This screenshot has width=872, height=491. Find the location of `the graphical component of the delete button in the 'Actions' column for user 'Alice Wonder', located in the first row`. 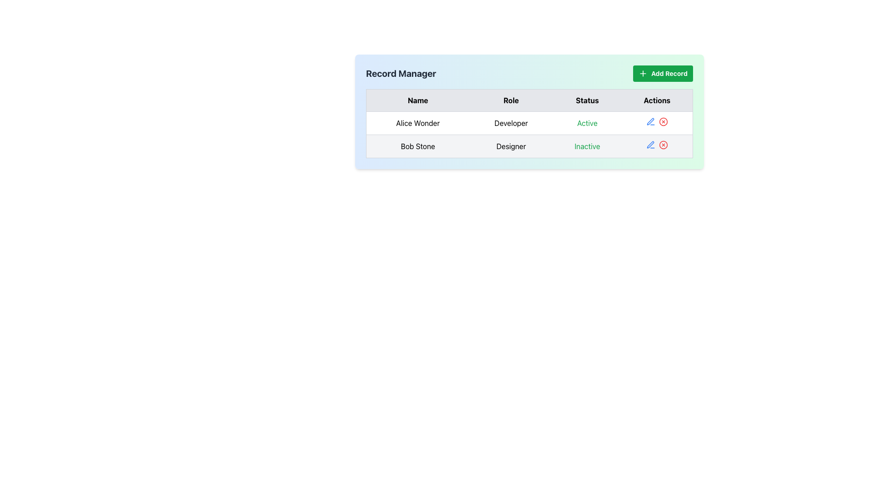

the graphical component of the delete button in the 'Actions' column for user 'Alice Wonder', located in the first row is located at coordinates (663, 121).